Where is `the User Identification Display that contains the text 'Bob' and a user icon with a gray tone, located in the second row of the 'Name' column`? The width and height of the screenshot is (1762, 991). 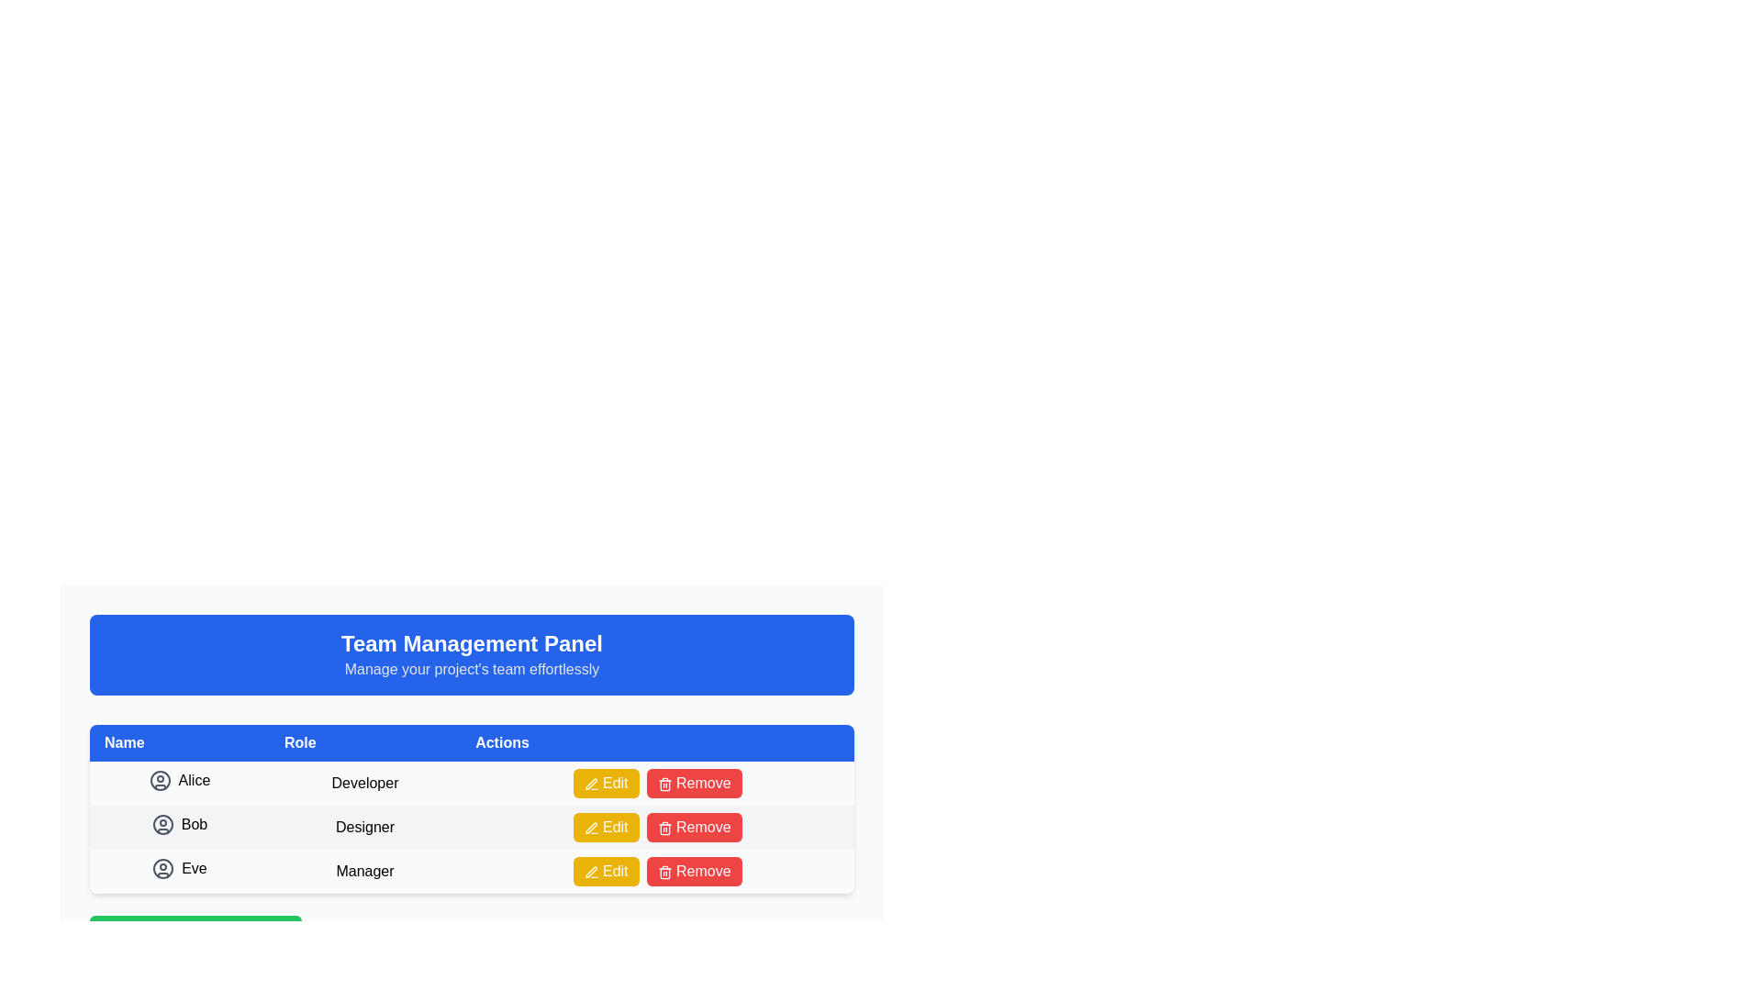
the User Identification Display that contains the text 'Bob' and a user icon with a gray tone, located in the second row of the 'Name' column is located at coordinates (180, 823).